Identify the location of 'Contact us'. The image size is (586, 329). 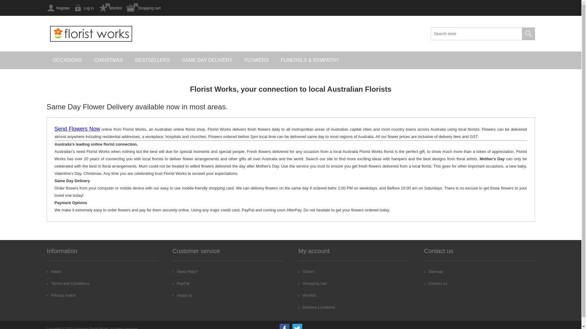
(435, 283).